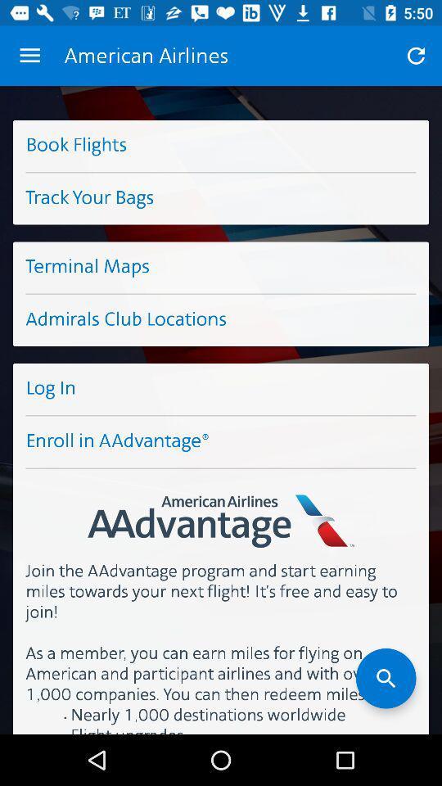  I want to click on the button below the button book flights on the web page, so click(221, 198).